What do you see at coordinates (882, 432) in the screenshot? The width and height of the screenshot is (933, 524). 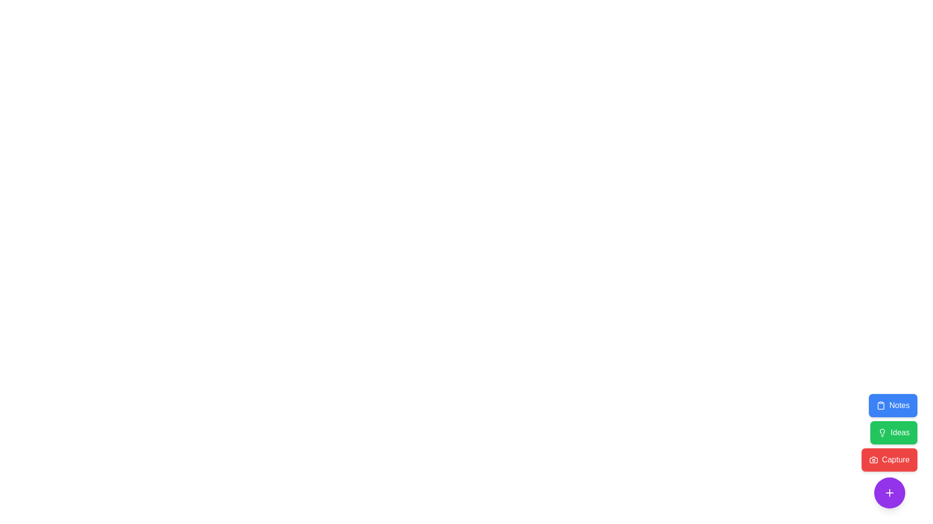 I see `the lightbulb icon representing the 'Ideas' button, which is located to the left of the button's text label` at bounding box center [882, 432].